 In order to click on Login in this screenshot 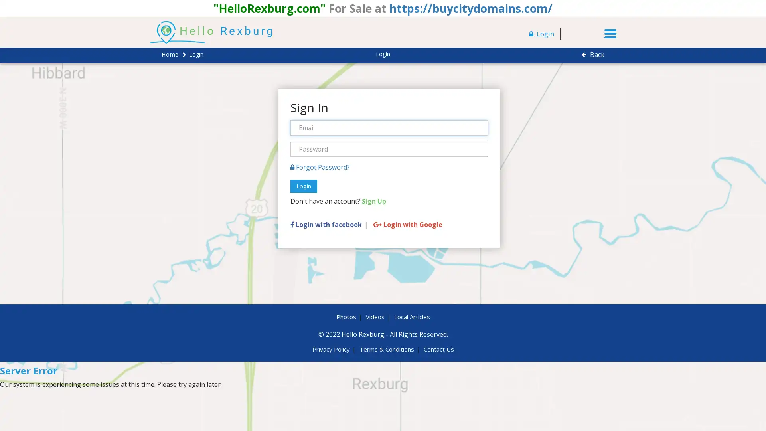, I will do `click(303, 186)`.